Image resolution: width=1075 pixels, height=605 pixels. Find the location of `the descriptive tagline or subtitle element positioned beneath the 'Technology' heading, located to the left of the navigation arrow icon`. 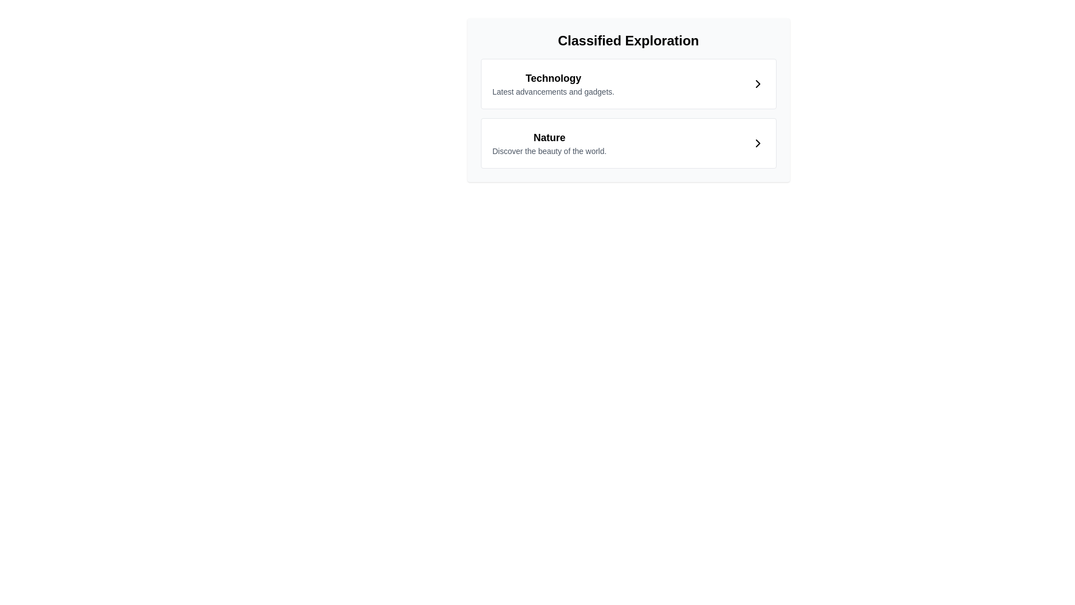

the descriptive tagline or subtitle element positioned beneath the 'Technology' heading, located to the left of the navigation arrow icon is located at coordinates (553, 91).